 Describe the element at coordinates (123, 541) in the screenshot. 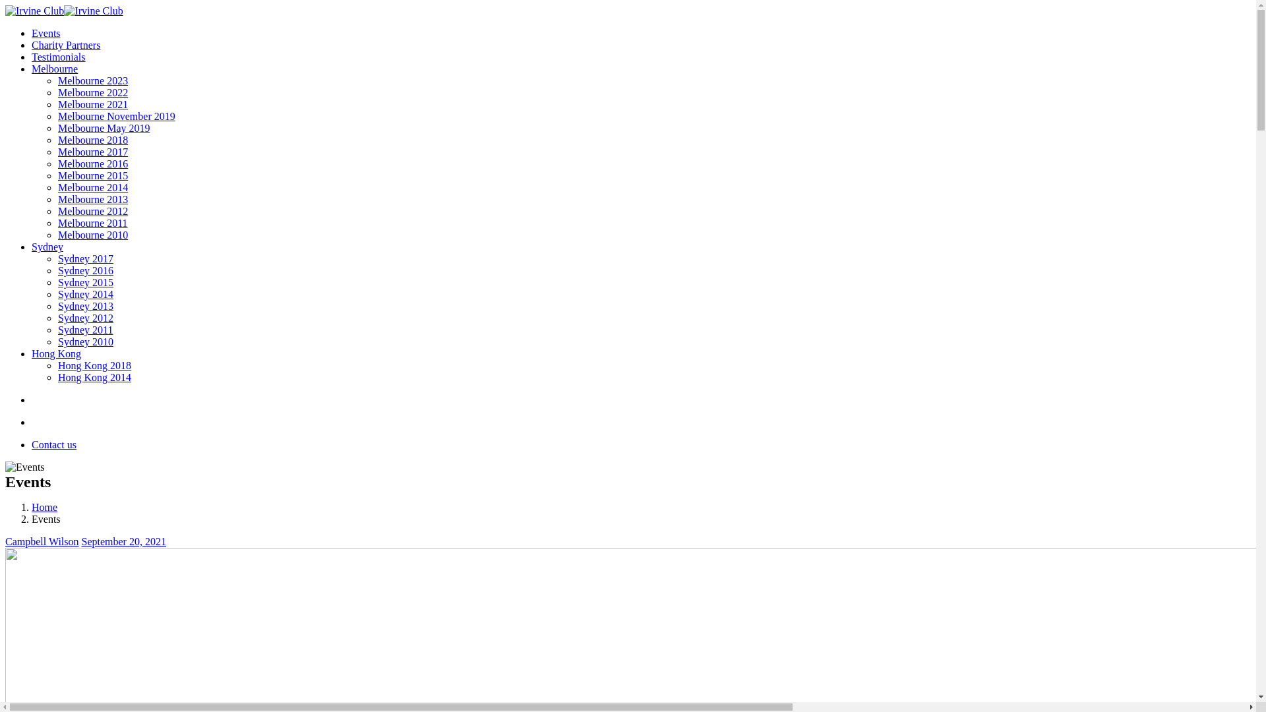

I see `'September 20, 2021'` at that location.